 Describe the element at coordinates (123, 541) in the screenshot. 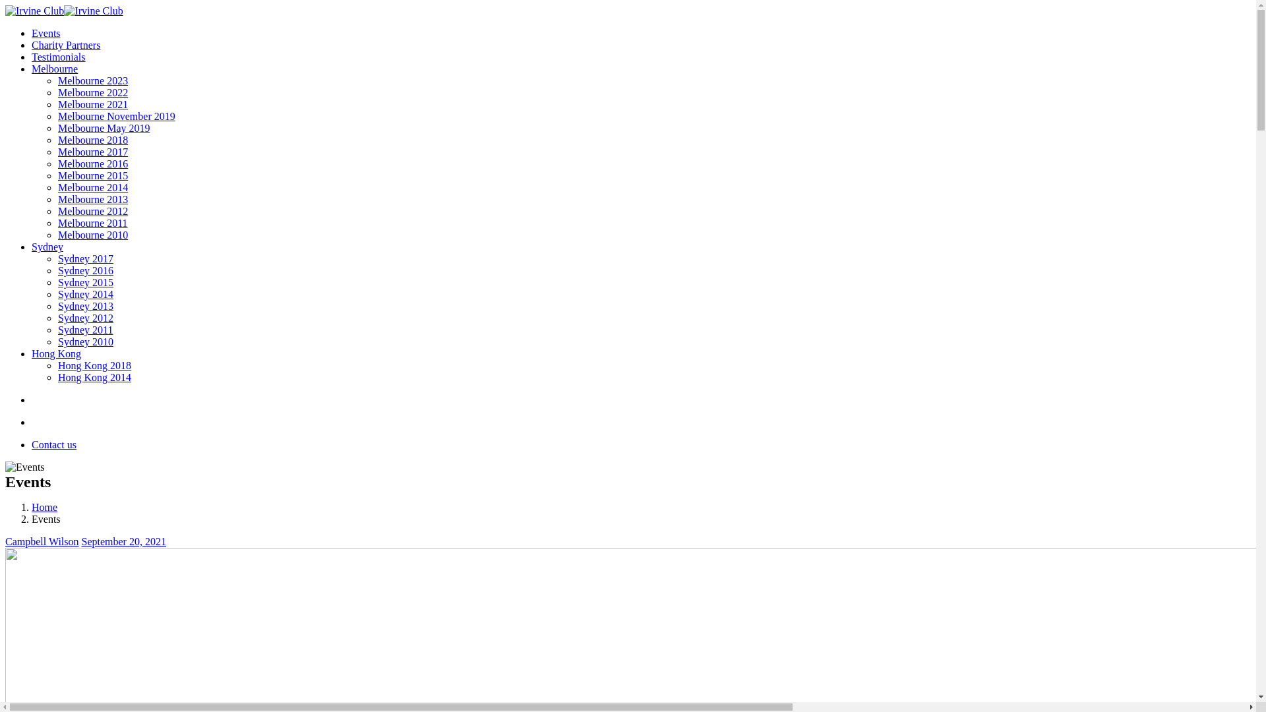

I see `'September 20, 2021'` at that location.